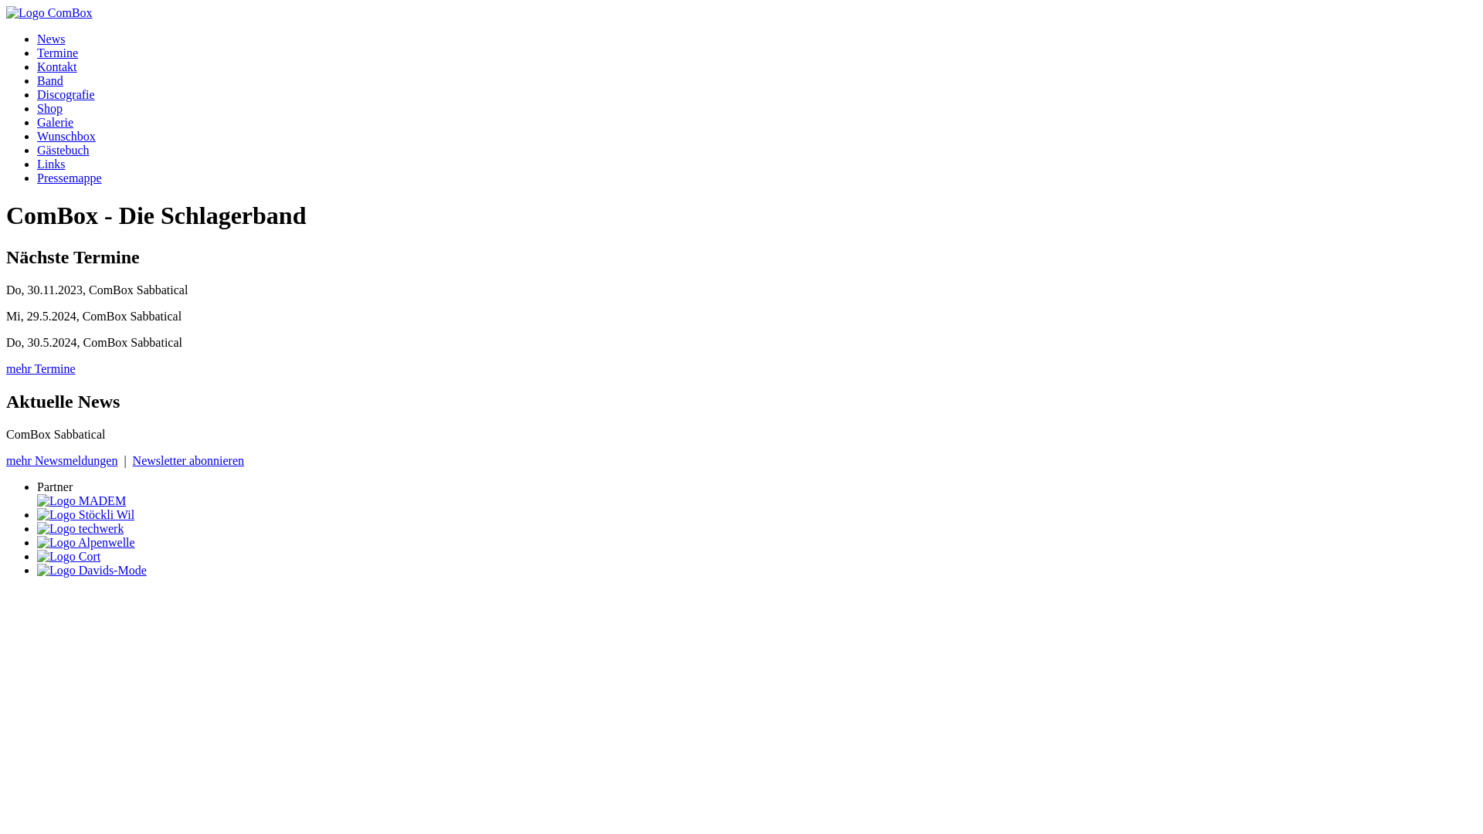 The image size is (1483, 834). I want to click on 'Link zu Cort', so click(68, 556).